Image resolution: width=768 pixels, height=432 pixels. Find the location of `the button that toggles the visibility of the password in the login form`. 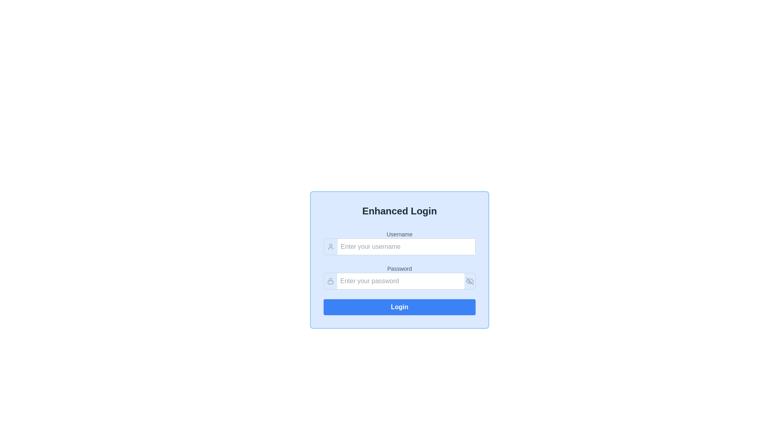

the button that toggles the visibility of the password in the login form is located at coordinates (470, 280).